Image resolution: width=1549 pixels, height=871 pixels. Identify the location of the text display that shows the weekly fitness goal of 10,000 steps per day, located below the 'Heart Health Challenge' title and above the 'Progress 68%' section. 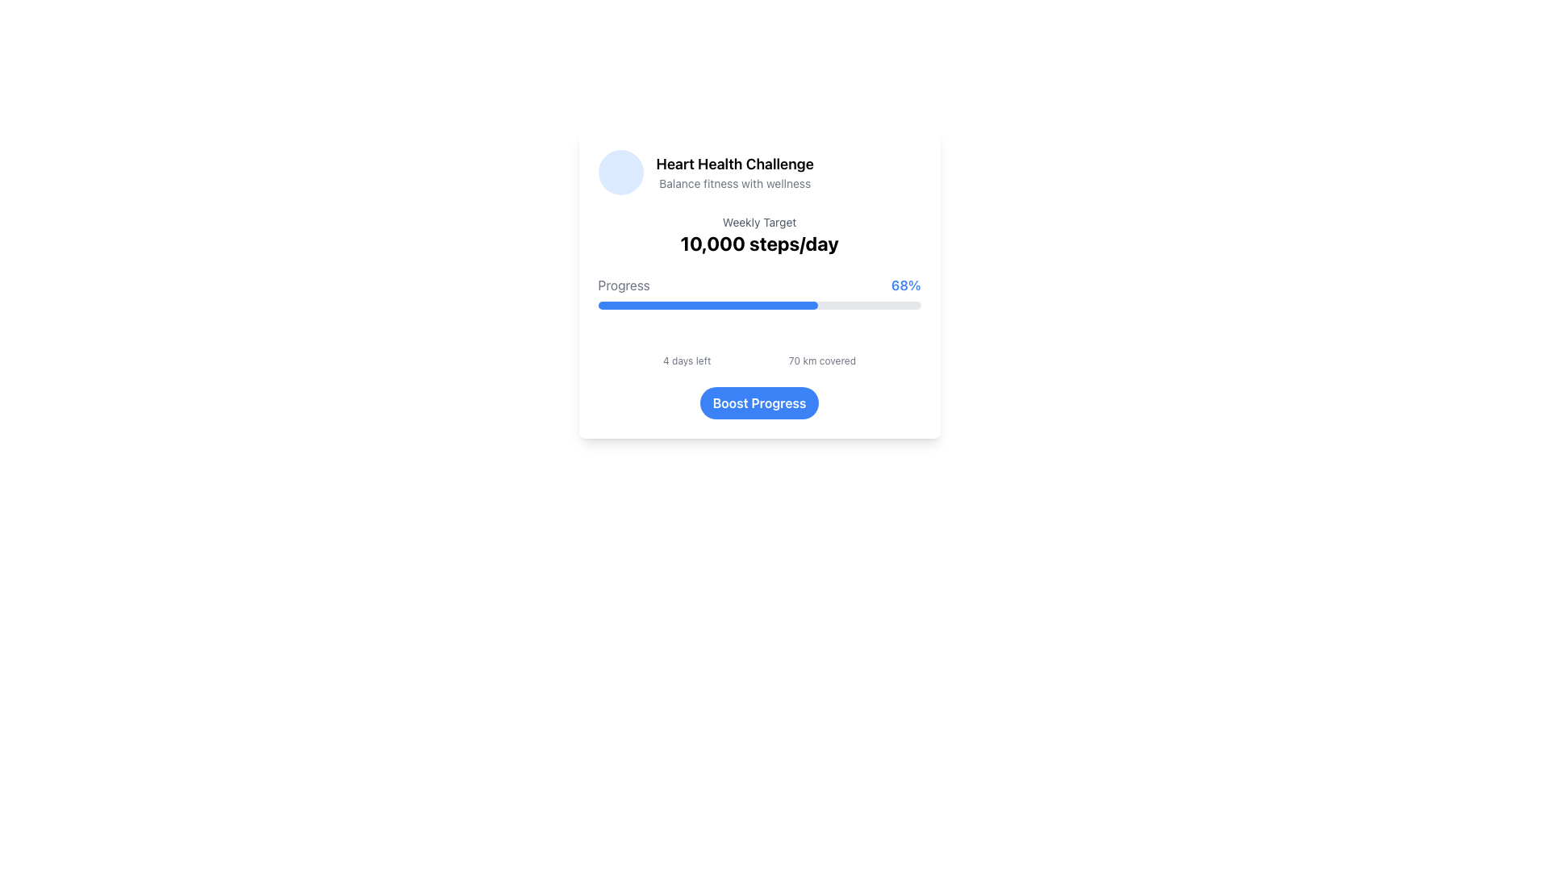
(758, 235).